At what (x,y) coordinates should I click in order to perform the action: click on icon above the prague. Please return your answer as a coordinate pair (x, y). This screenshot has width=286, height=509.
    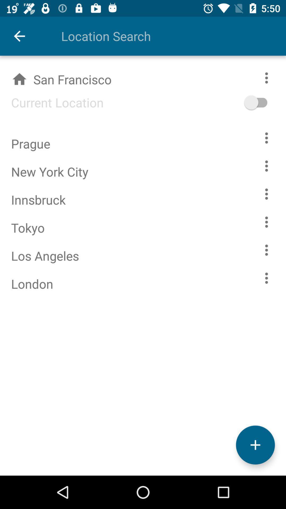
    Looking at the image, I should click on (52, 102).